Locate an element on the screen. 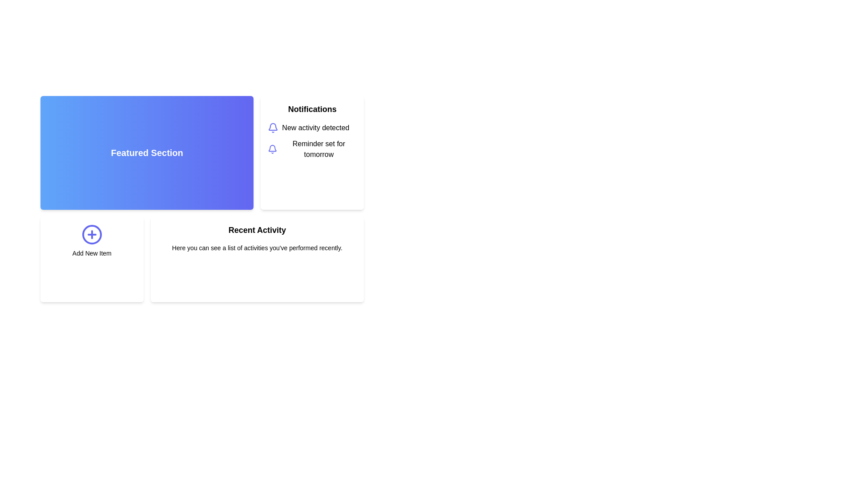 The image size is (854, 480). the 'Notifications' header text label located in the upper right area of the interface, above the items 'New activity detected' and 'Reminder set for tomorrow' is located at coordinates (312, 109).